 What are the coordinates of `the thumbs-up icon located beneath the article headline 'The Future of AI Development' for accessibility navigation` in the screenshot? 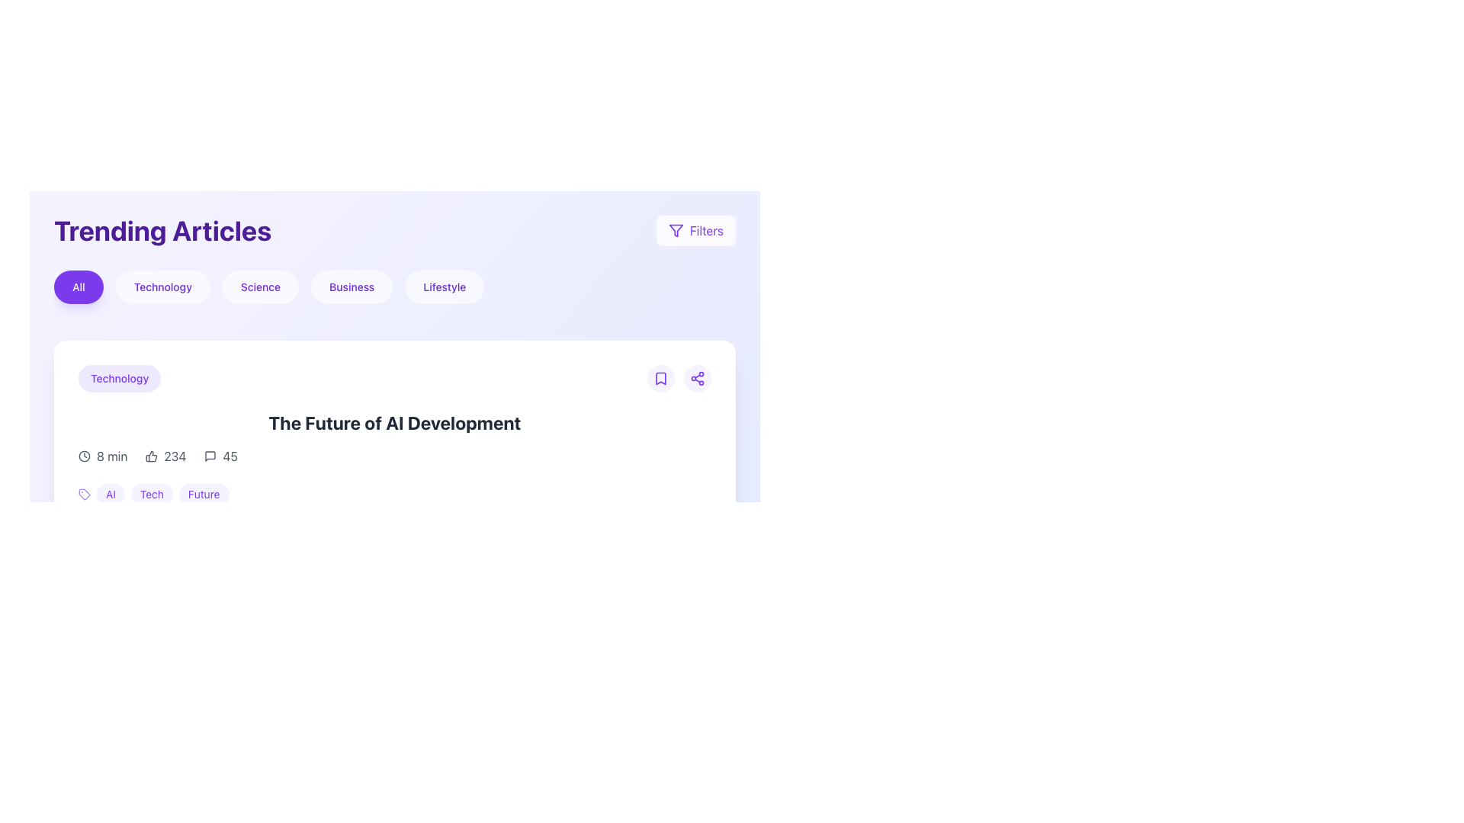 It's located at (152, 455).